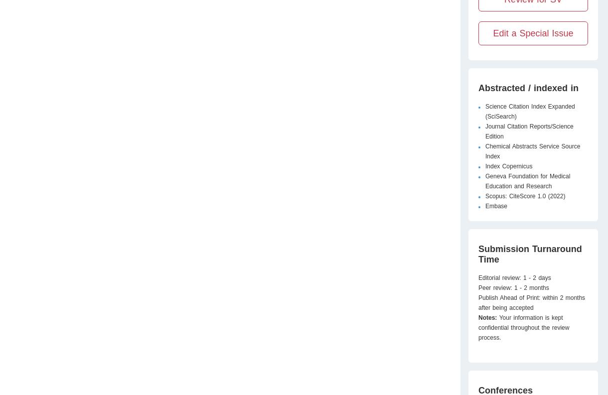 This screenshot has height=395, width=608. What do you see at coordinates (530, 112) in the screenshot?
I see `'Science Citation Index Expanded (SciSearch)'` at bounding box center [530, 112].